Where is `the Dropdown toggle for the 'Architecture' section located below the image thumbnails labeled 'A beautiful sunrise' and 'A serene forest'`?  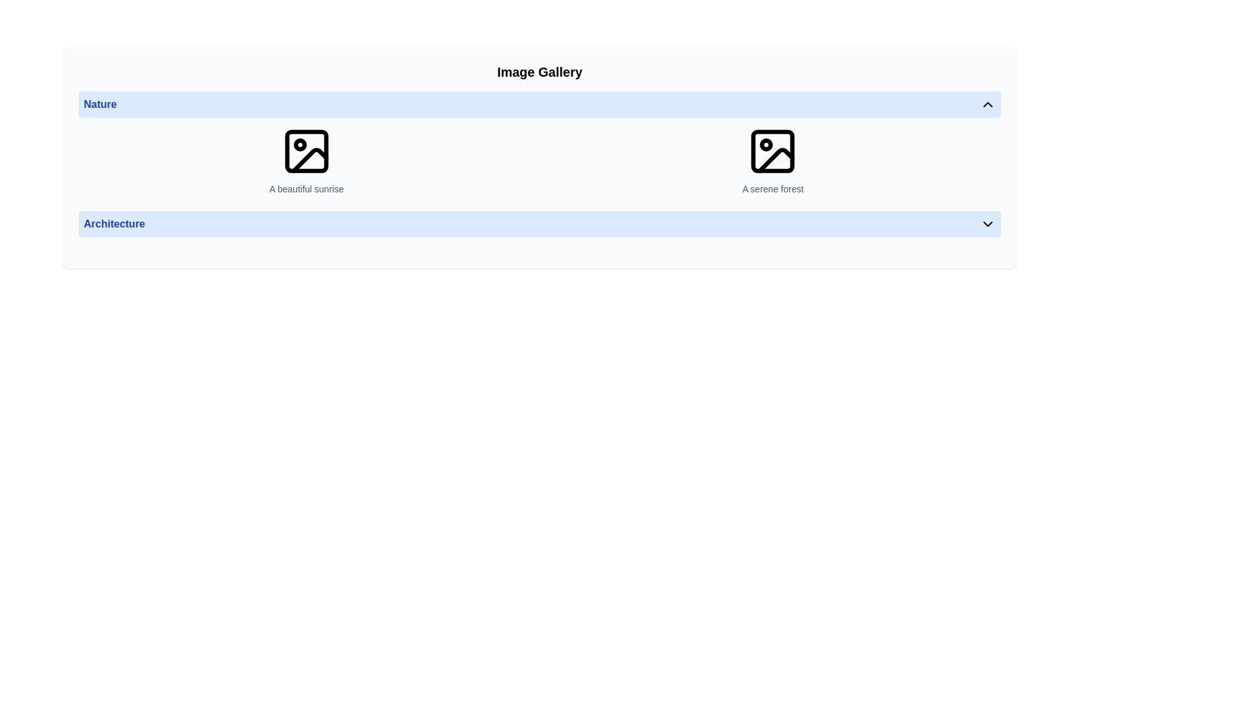 the Dropdown toggle for the 'Architecture' section located below the image thumbnails labeled 'A beautiful sunrise' and 'A serene forest' is located at coordinates (539, 223).